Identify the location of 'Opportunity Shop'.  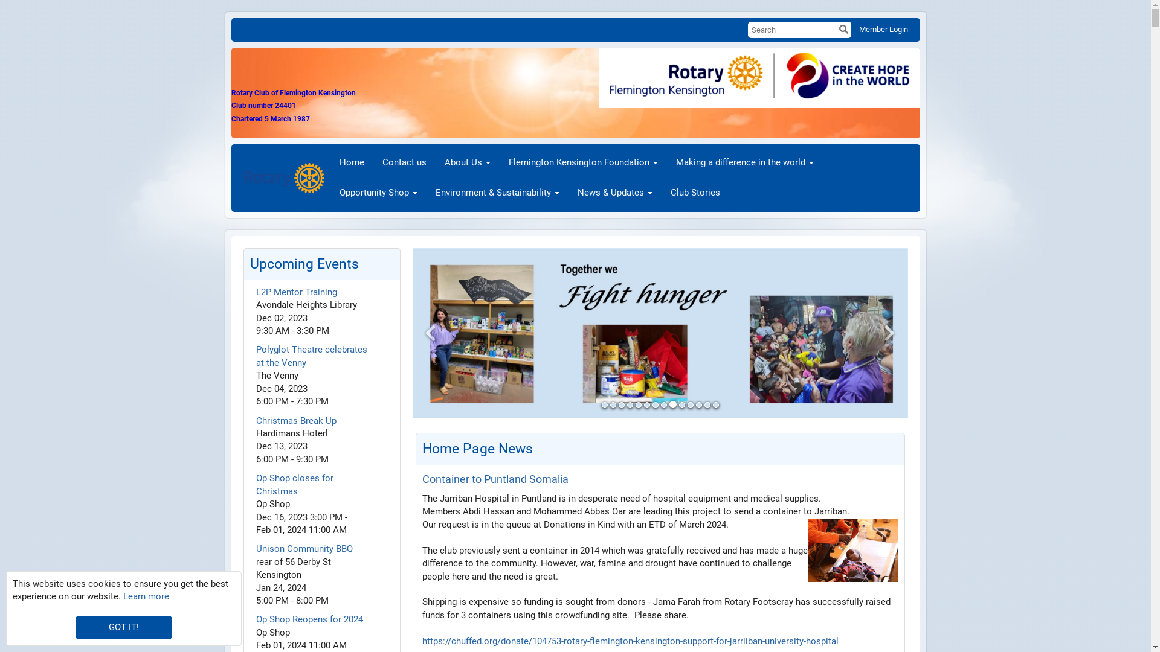
(378, 193).